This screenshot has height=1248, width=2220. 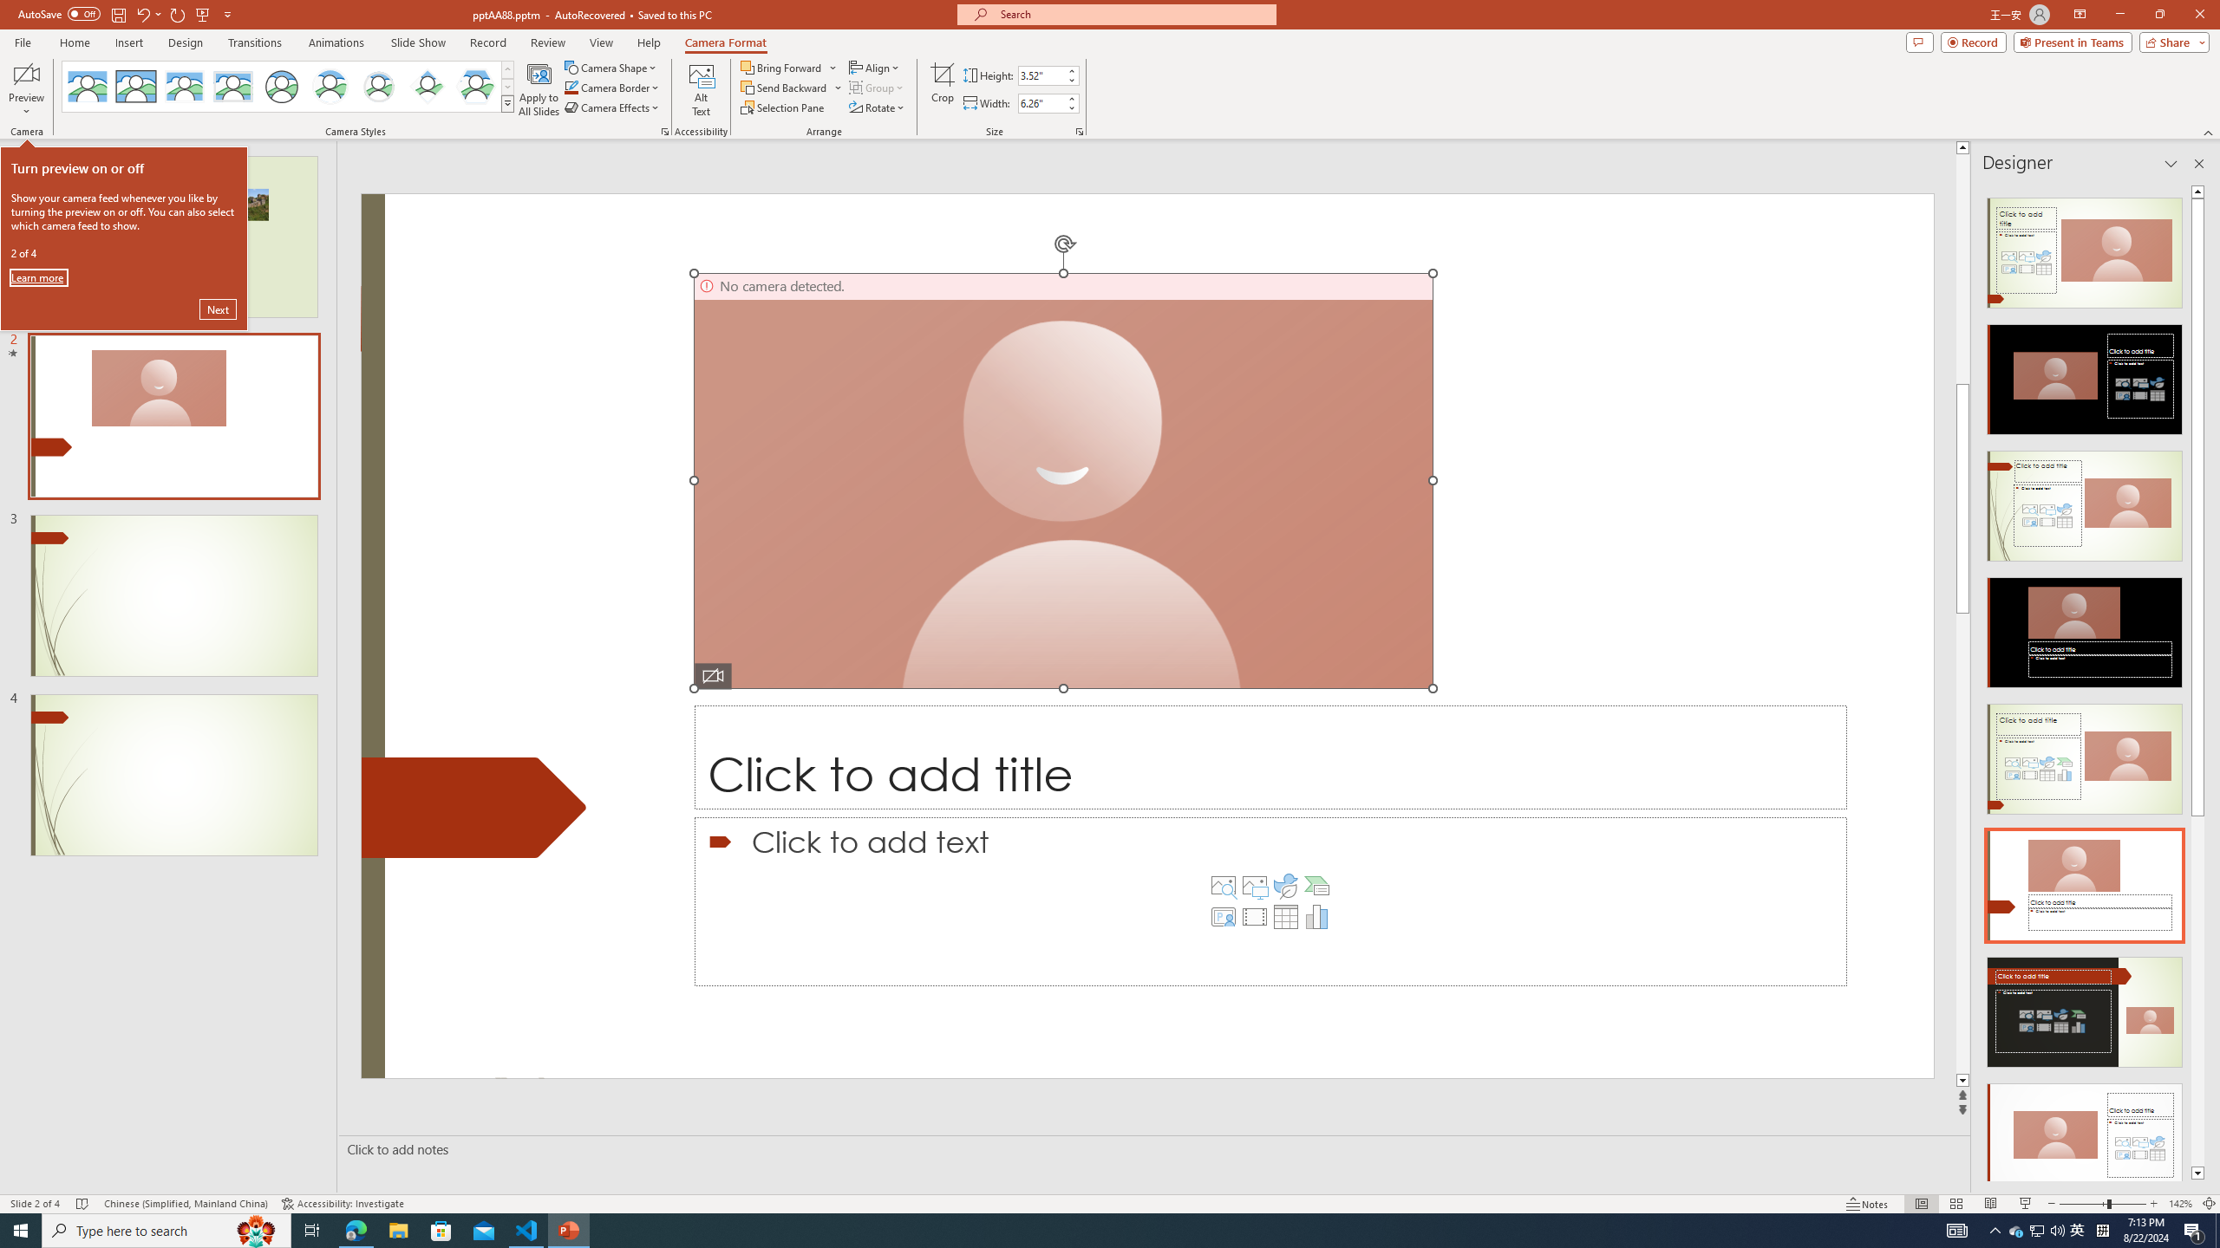 I want to click on 'Send Backward', so click(x=784, y=86).